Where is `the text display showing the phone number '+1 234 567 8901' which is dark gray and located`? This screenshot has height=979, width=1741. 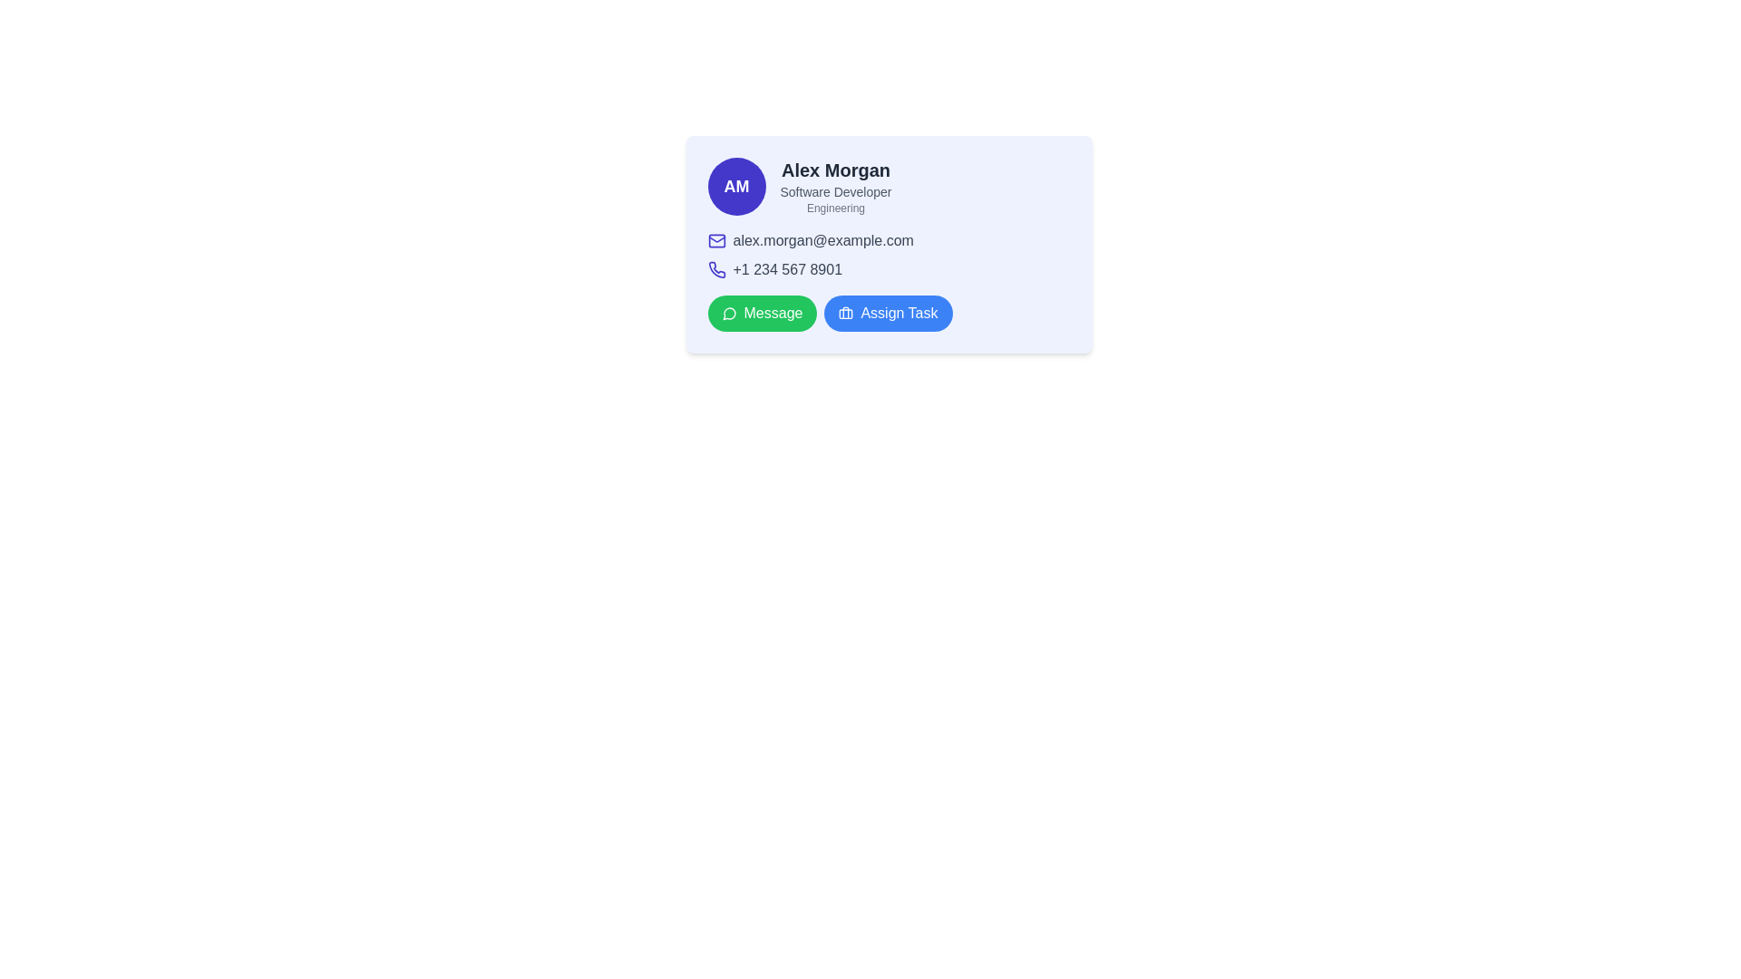 the text display showing the phone number '+1 234 567 8901' which is dark gray and located is located at coordinates (787, 269).